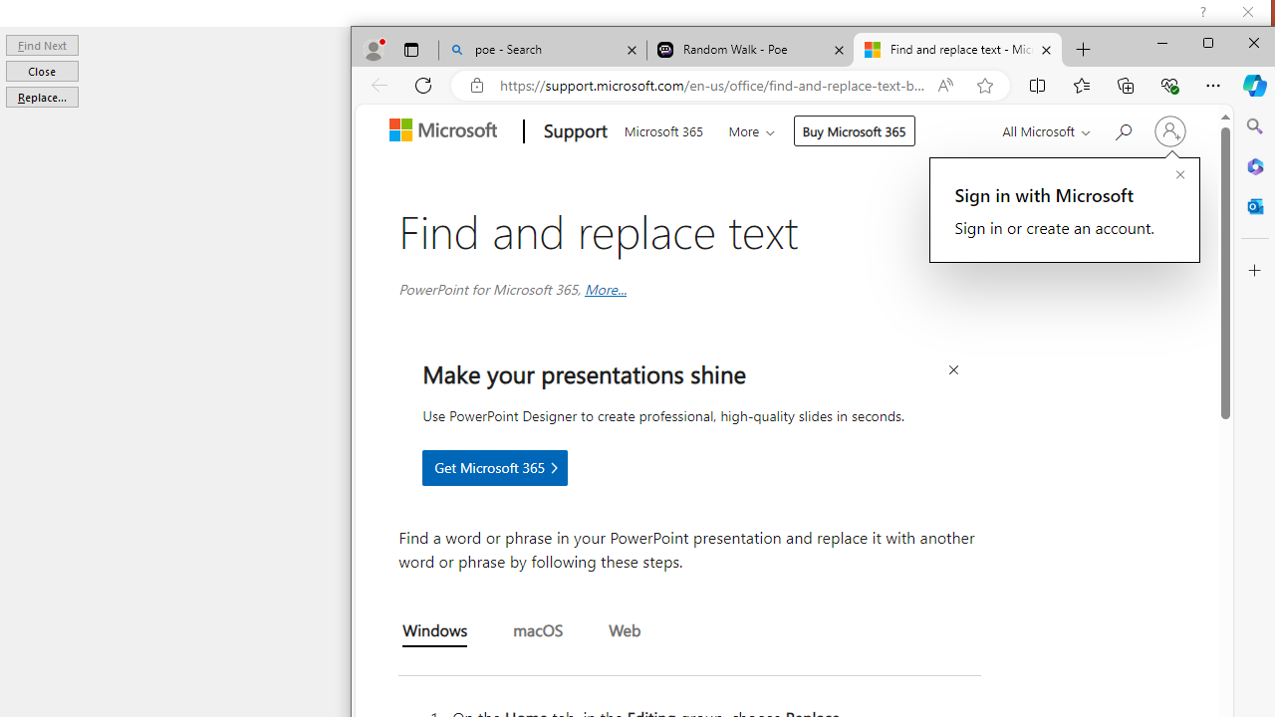 This screenshot has height=717, width=1275. What do you see at coordinates (1045, 49) in the screenshot?
I see `'Close tab'` at bounding box center [1045, 49].